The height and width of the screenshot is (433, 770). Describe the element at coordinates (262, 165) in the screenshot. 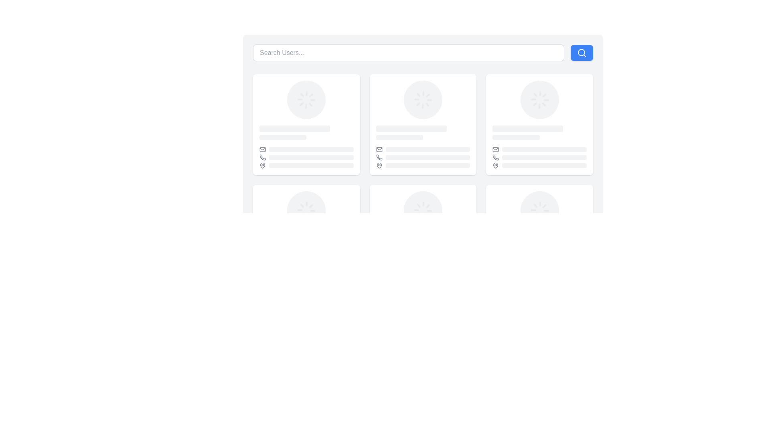

I see `the representation of the pin icon located in the bottom-left corner of its respective card, which is part of a grid layout of user profiles or cards` at that location.